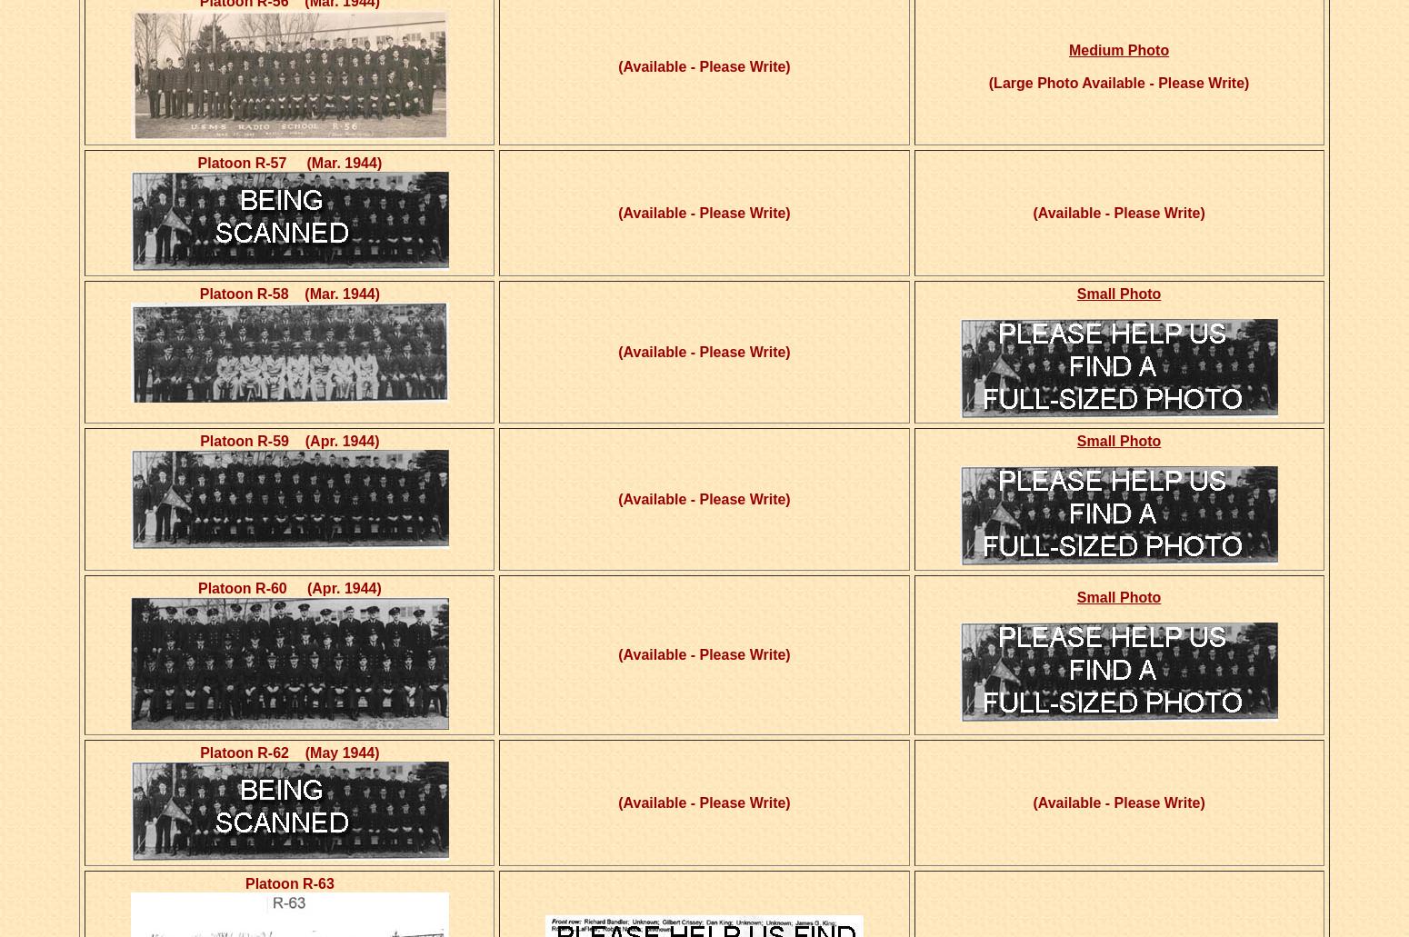 Image resolution: width=1409 pixels, height=937 pixels. I want to click on 'Platoon R-62    (May 
                
                1944)', so click(288, 753).